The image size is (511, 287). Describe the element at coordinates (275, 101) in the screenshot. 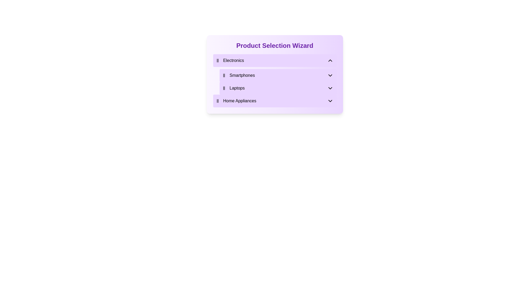

I see `the fourth option in the 'Product Selection Wizard' dropdown menu` at that location.